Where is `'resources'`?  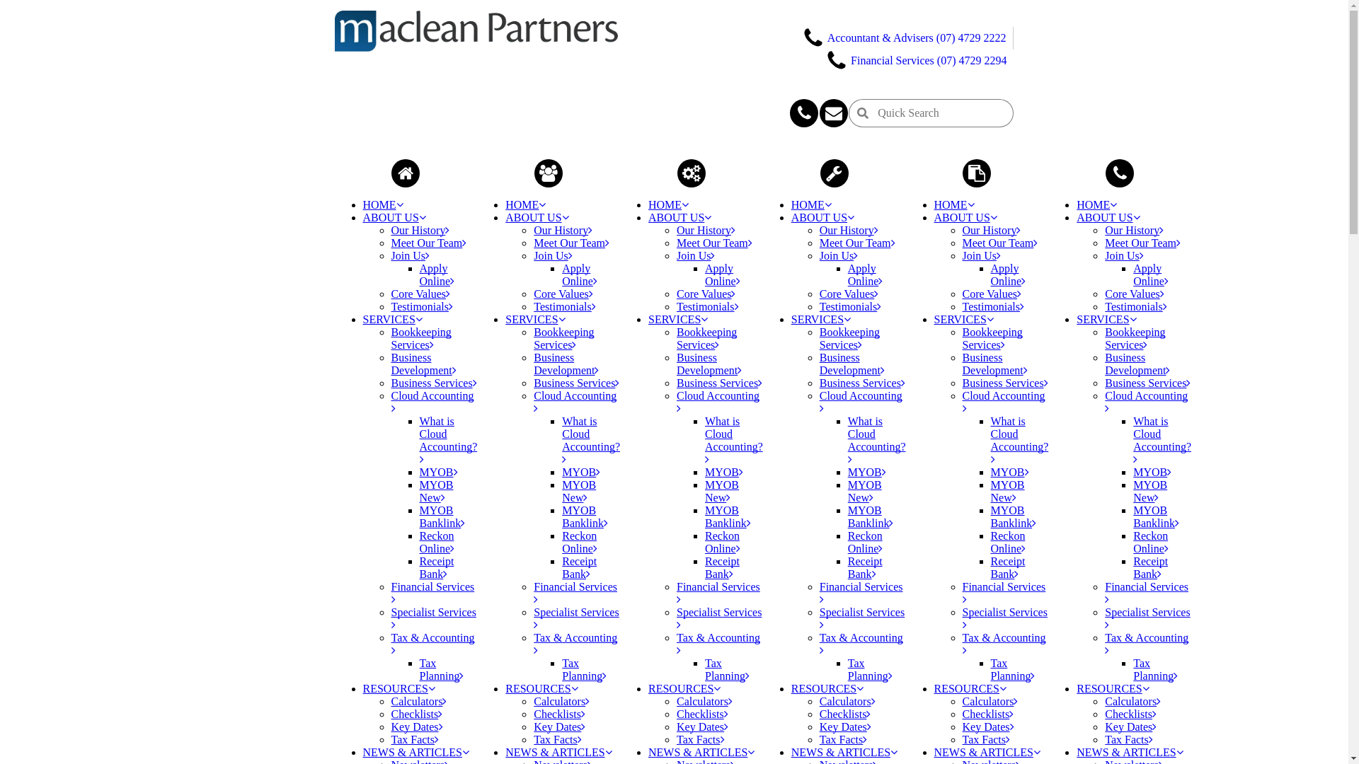 'resources' is located at coordinates (835, 173).